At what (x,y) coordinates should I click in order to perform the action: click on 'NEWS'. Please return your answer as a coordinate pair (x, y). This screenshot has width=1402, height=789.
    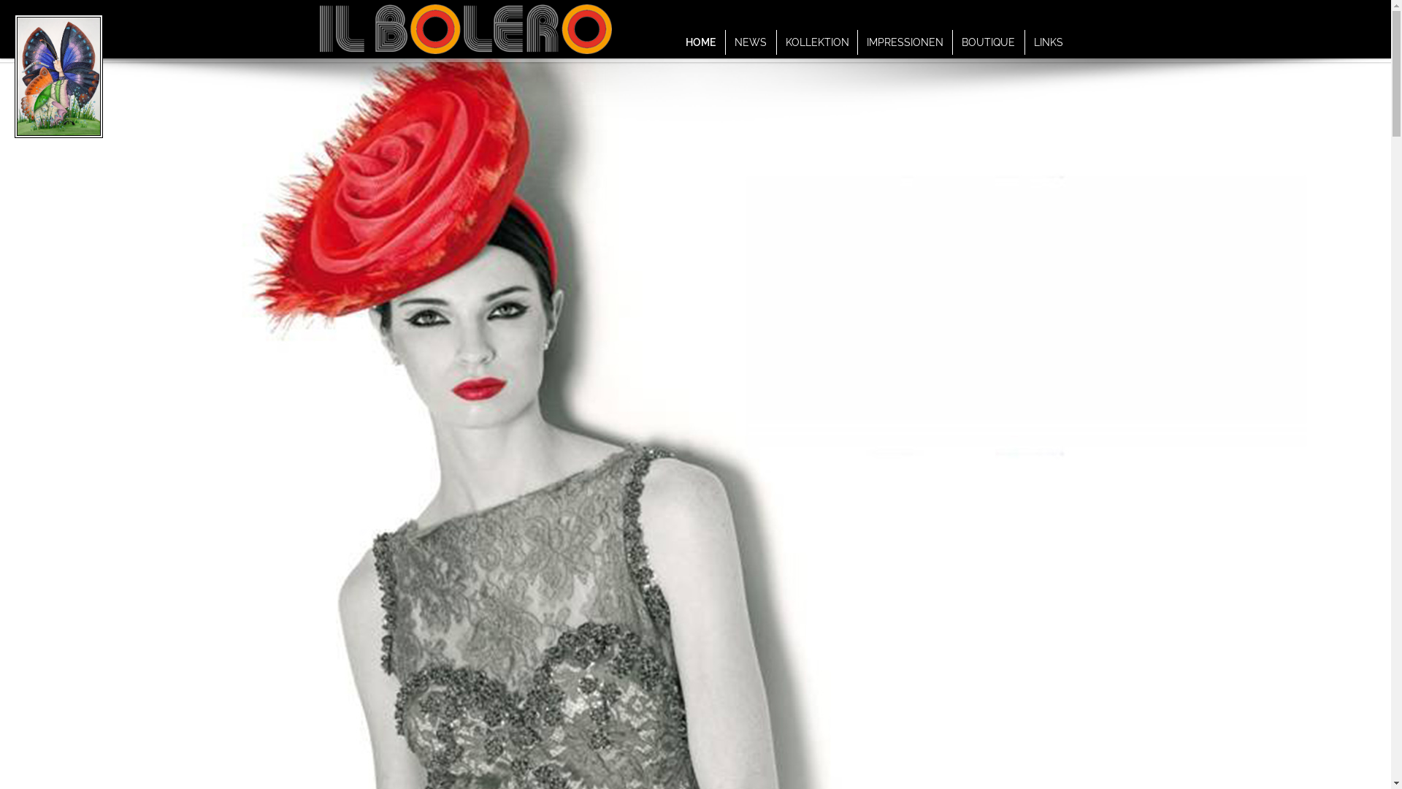
    Looking at the image, I should click on (751, 41).